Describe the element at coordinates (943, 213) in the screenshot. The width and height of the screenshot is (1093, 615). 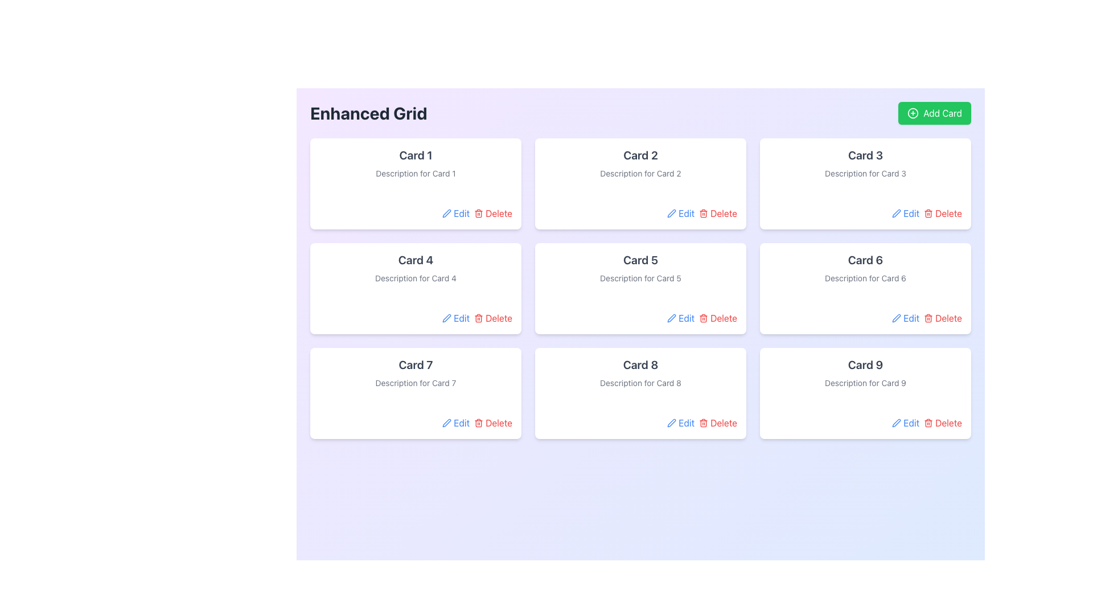
I see `the delete button located in the bottom-right corner of 'Card 3'` at that location.